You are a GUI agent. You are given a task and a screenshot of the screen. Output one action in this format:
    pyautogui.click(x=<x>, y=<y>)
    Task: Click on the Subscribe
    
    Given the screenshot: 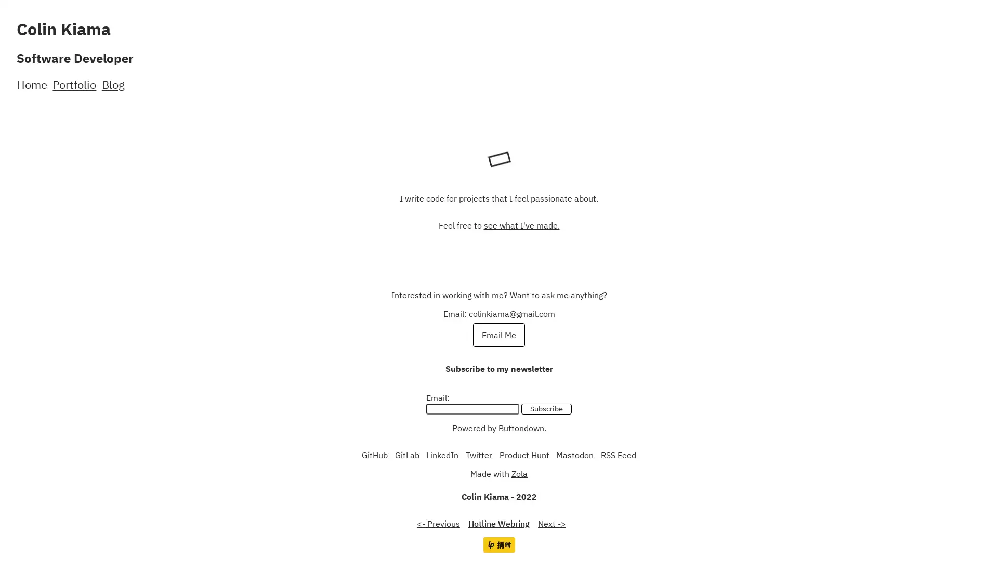 What is the action you would take?
    pyautogui.click(x=546, y=408)
    